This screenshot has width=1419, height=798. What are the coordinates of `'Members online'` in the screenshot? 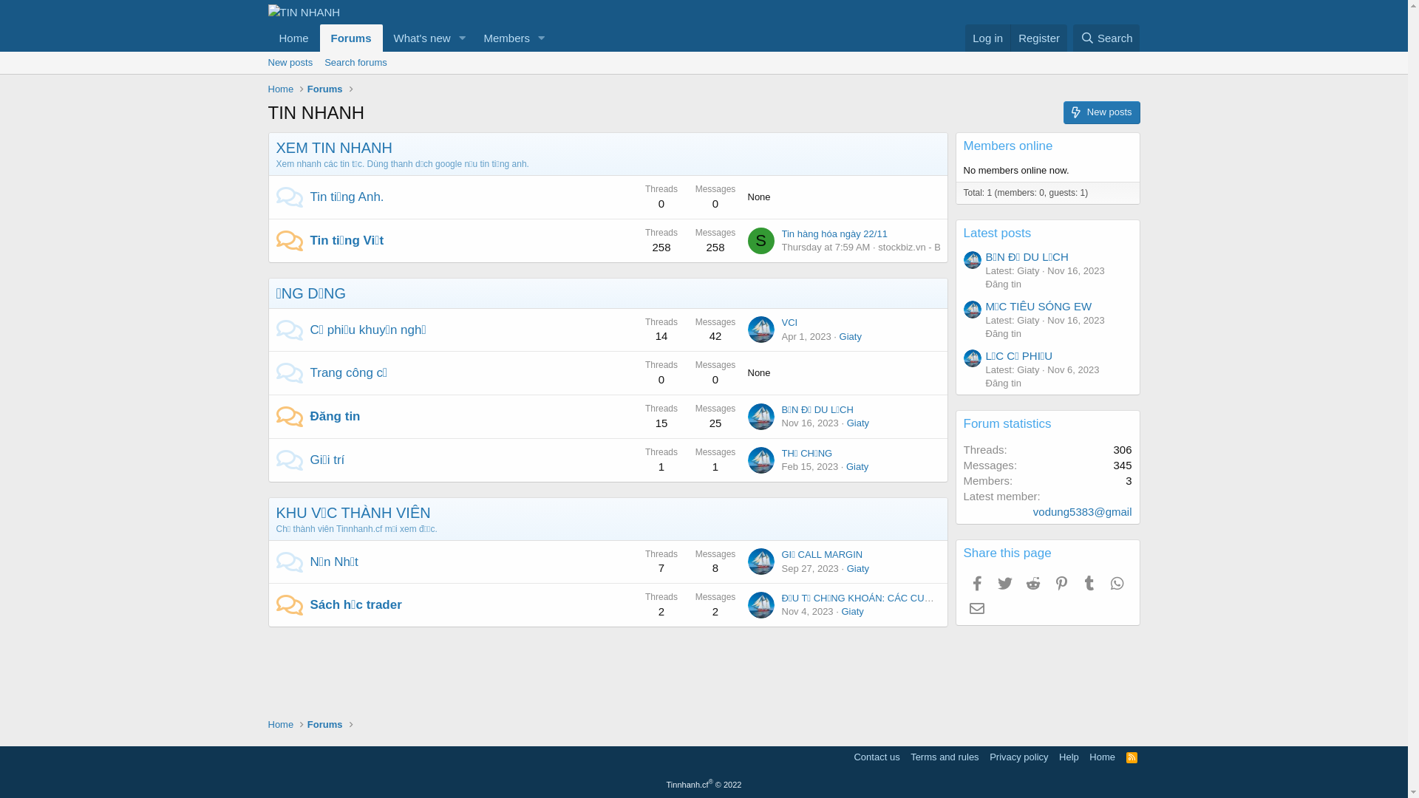 It's located at (964, 146).